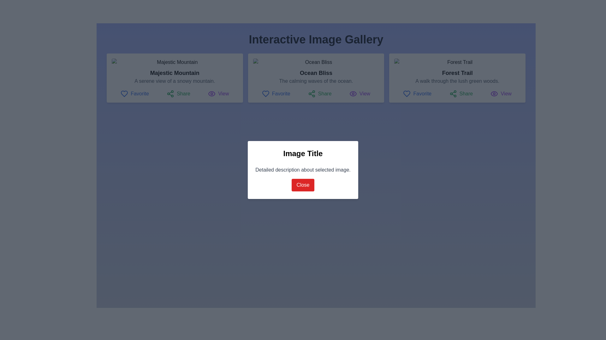 Image resolution: width=606 pixels, height=340 pixels. Describe the element at coordinates (170, 93) in the screenshot. I see `the green 'Share' icon, which is located next to the 'Share' label in the horizontal menu of the 'Majestic Mountain' card` at that location.